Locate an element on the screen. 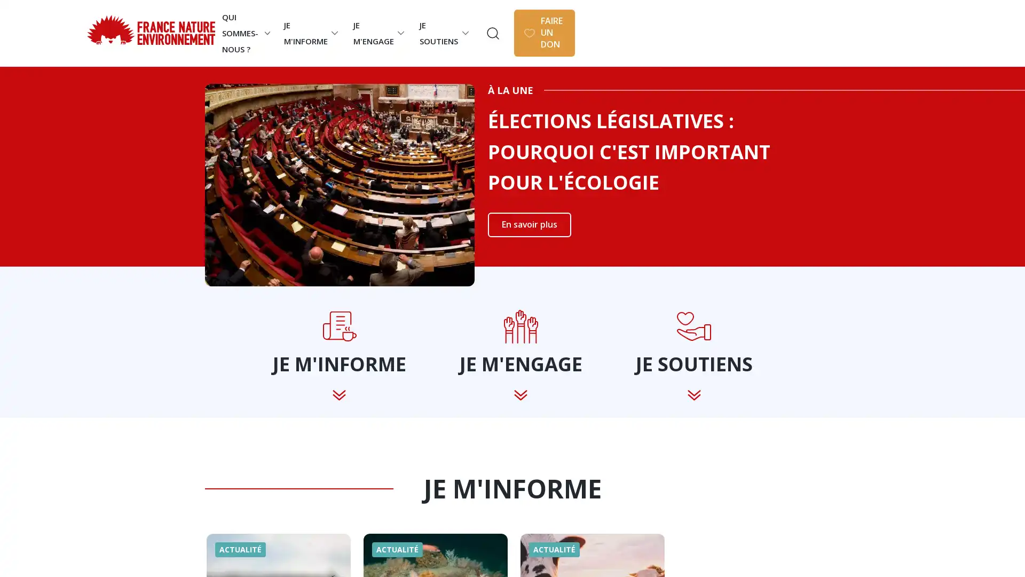 The width and height of the screenshot is (1025, 577). Fermer la recherche is located at coordinates (987, 26).